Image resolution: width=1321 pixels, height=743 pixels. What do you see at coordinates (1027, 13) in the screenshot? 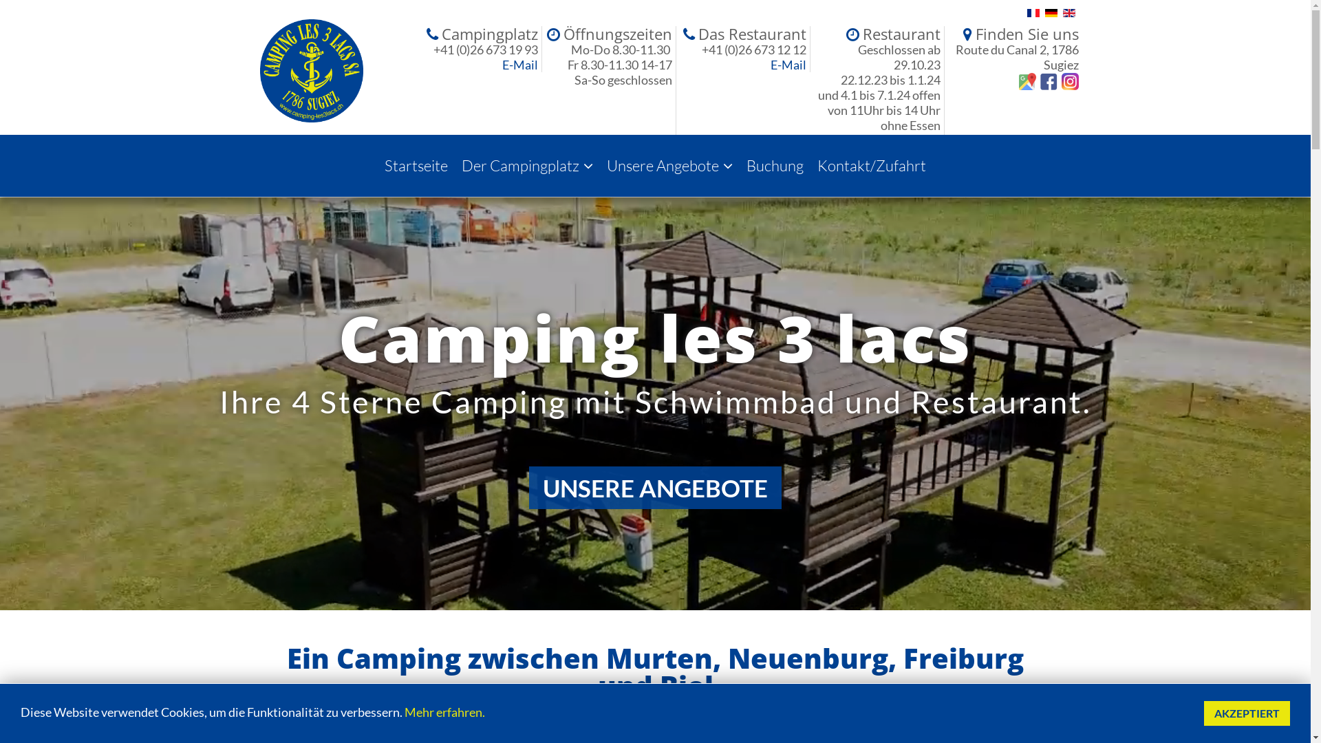
I see `'French'` at bounding box center [1027, 13].